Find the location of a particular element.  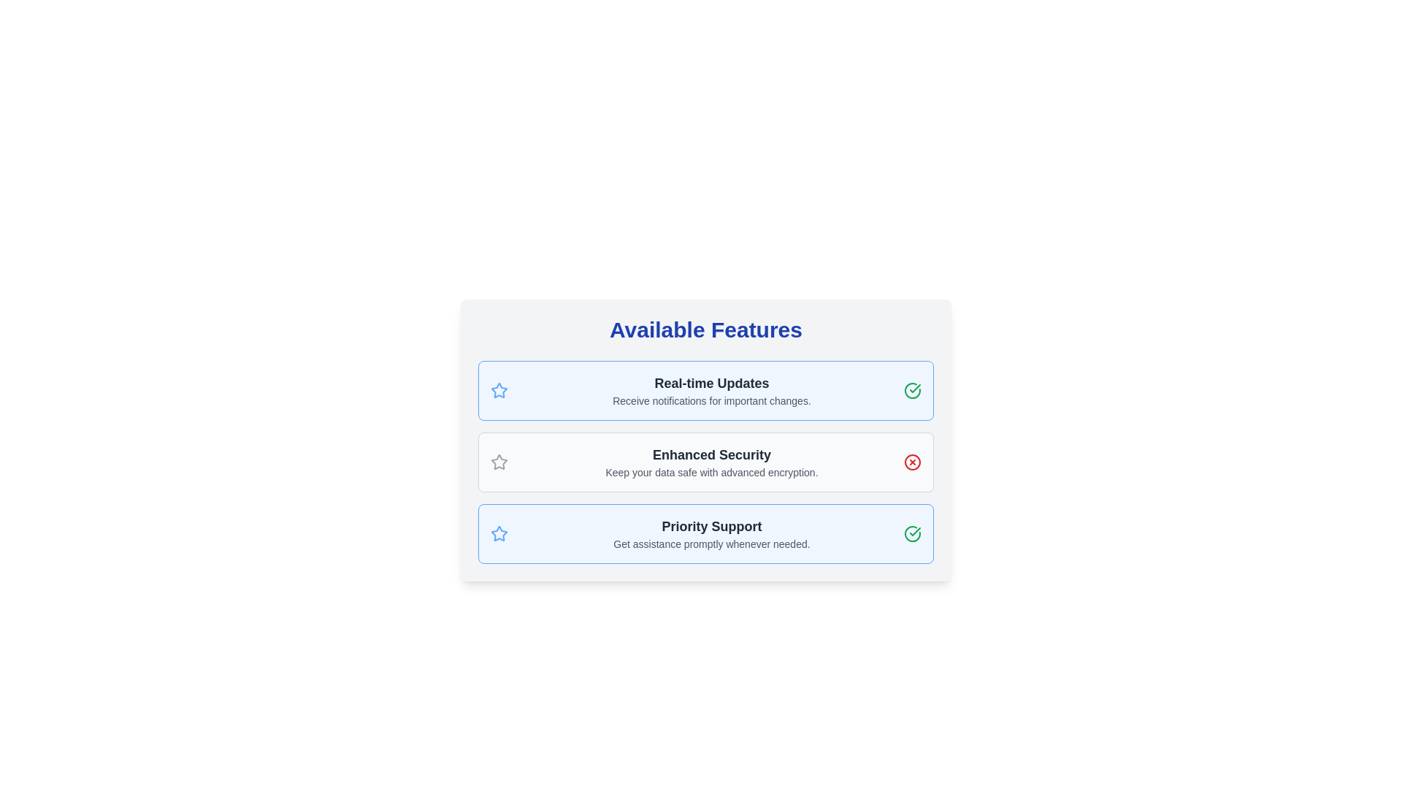

the decorative icon located to the left of the 'Enhanced Security' text, which serves as a placeholder for rating or importance is located at coordinates (499, 462).